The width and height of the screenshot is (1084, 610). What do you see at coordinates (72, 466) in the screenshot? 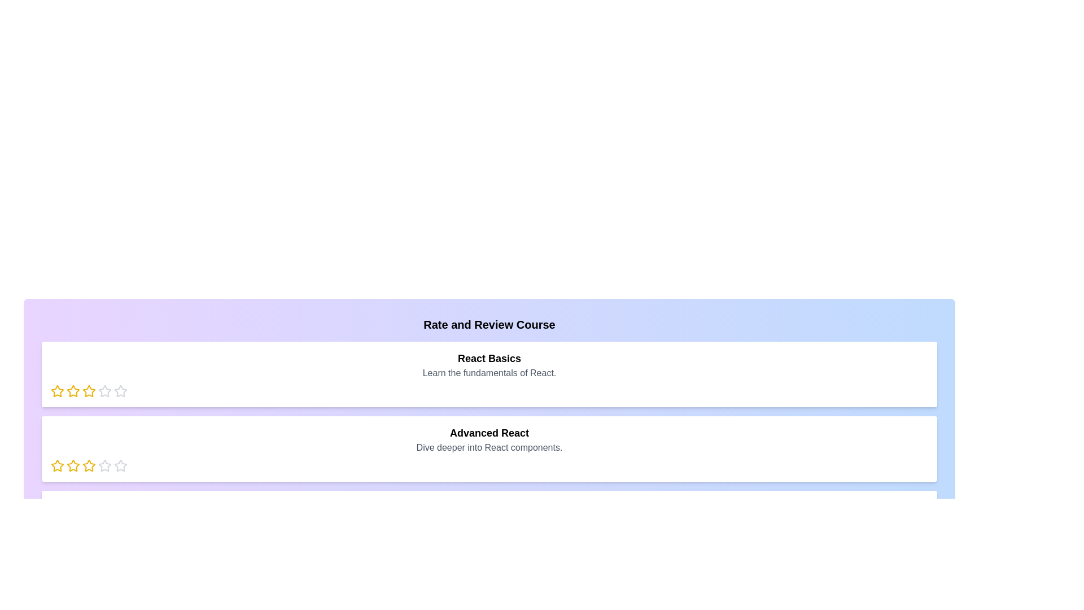
I see `the third yellow outlined star icon in the rating interface for the course 'Advanced React'` at bounding box center [72, 466].